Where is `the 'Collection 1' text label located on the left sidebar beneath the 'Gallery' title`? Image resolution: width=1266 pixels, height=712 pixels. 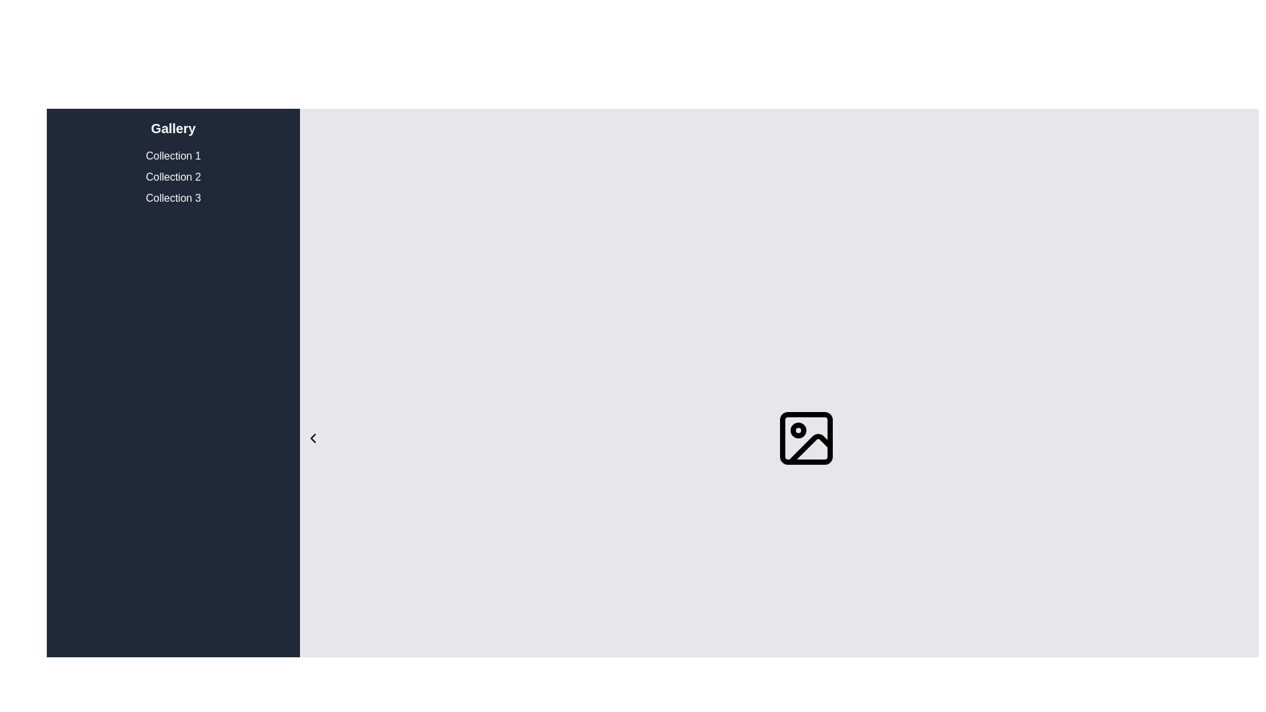 the 'Collection 1' text label located on the left sidebar beneath the 'Gallery' title is located at coordinates (173, 155).